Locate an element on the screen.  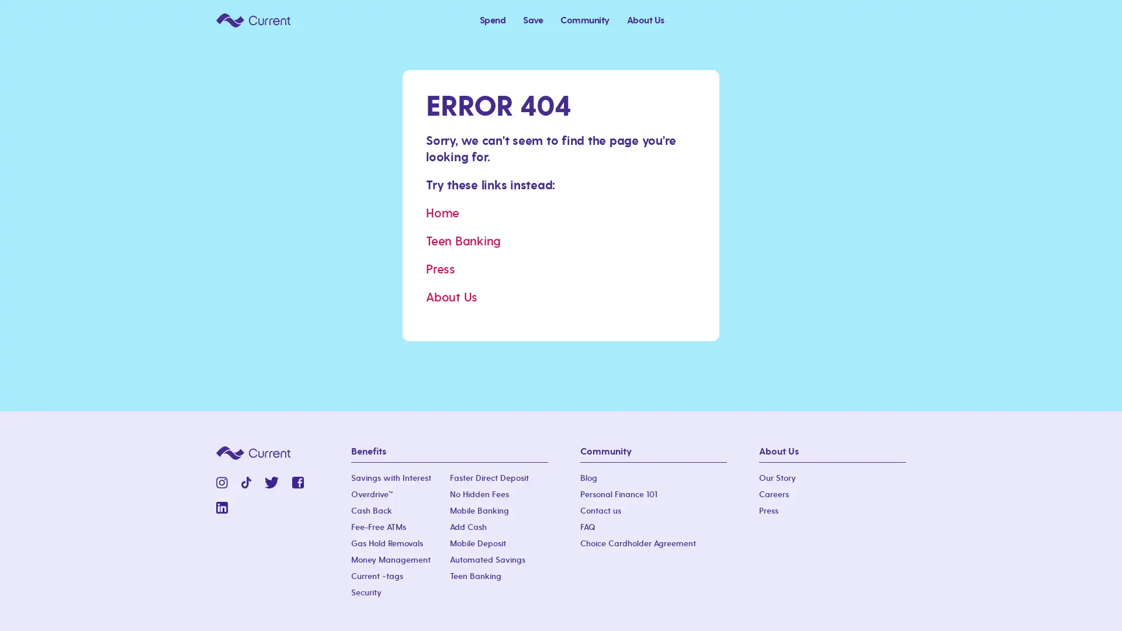
Teen Banking is located at coordinates (475, 576).